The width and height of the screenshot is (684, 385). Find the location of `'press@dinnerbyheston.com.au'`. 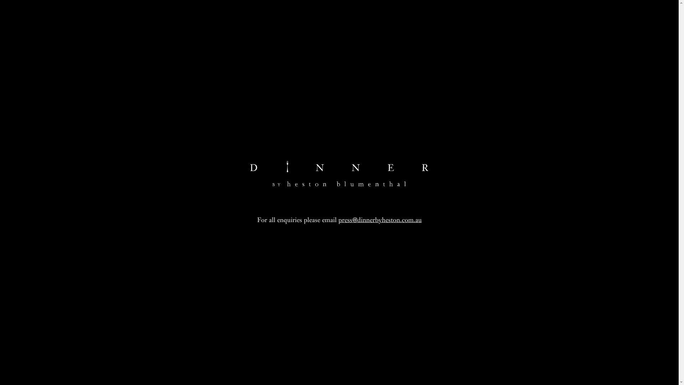

'press@dinnerbyheston.com.au' is located at coordinates (379, 219).